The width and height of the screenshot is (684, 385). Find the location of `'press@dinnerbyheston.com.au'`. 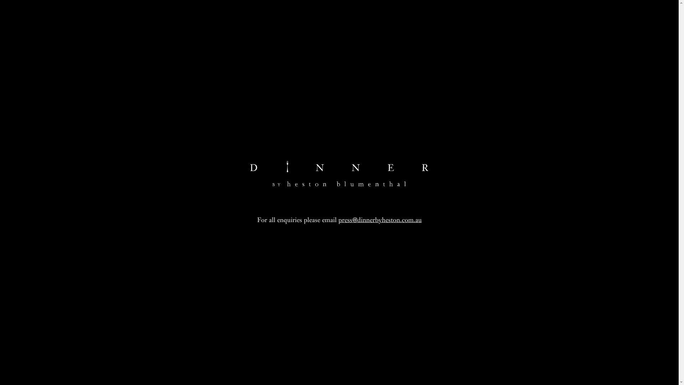

'press@dinnerbyheston.com.au' is located at coordinates (379, 219).